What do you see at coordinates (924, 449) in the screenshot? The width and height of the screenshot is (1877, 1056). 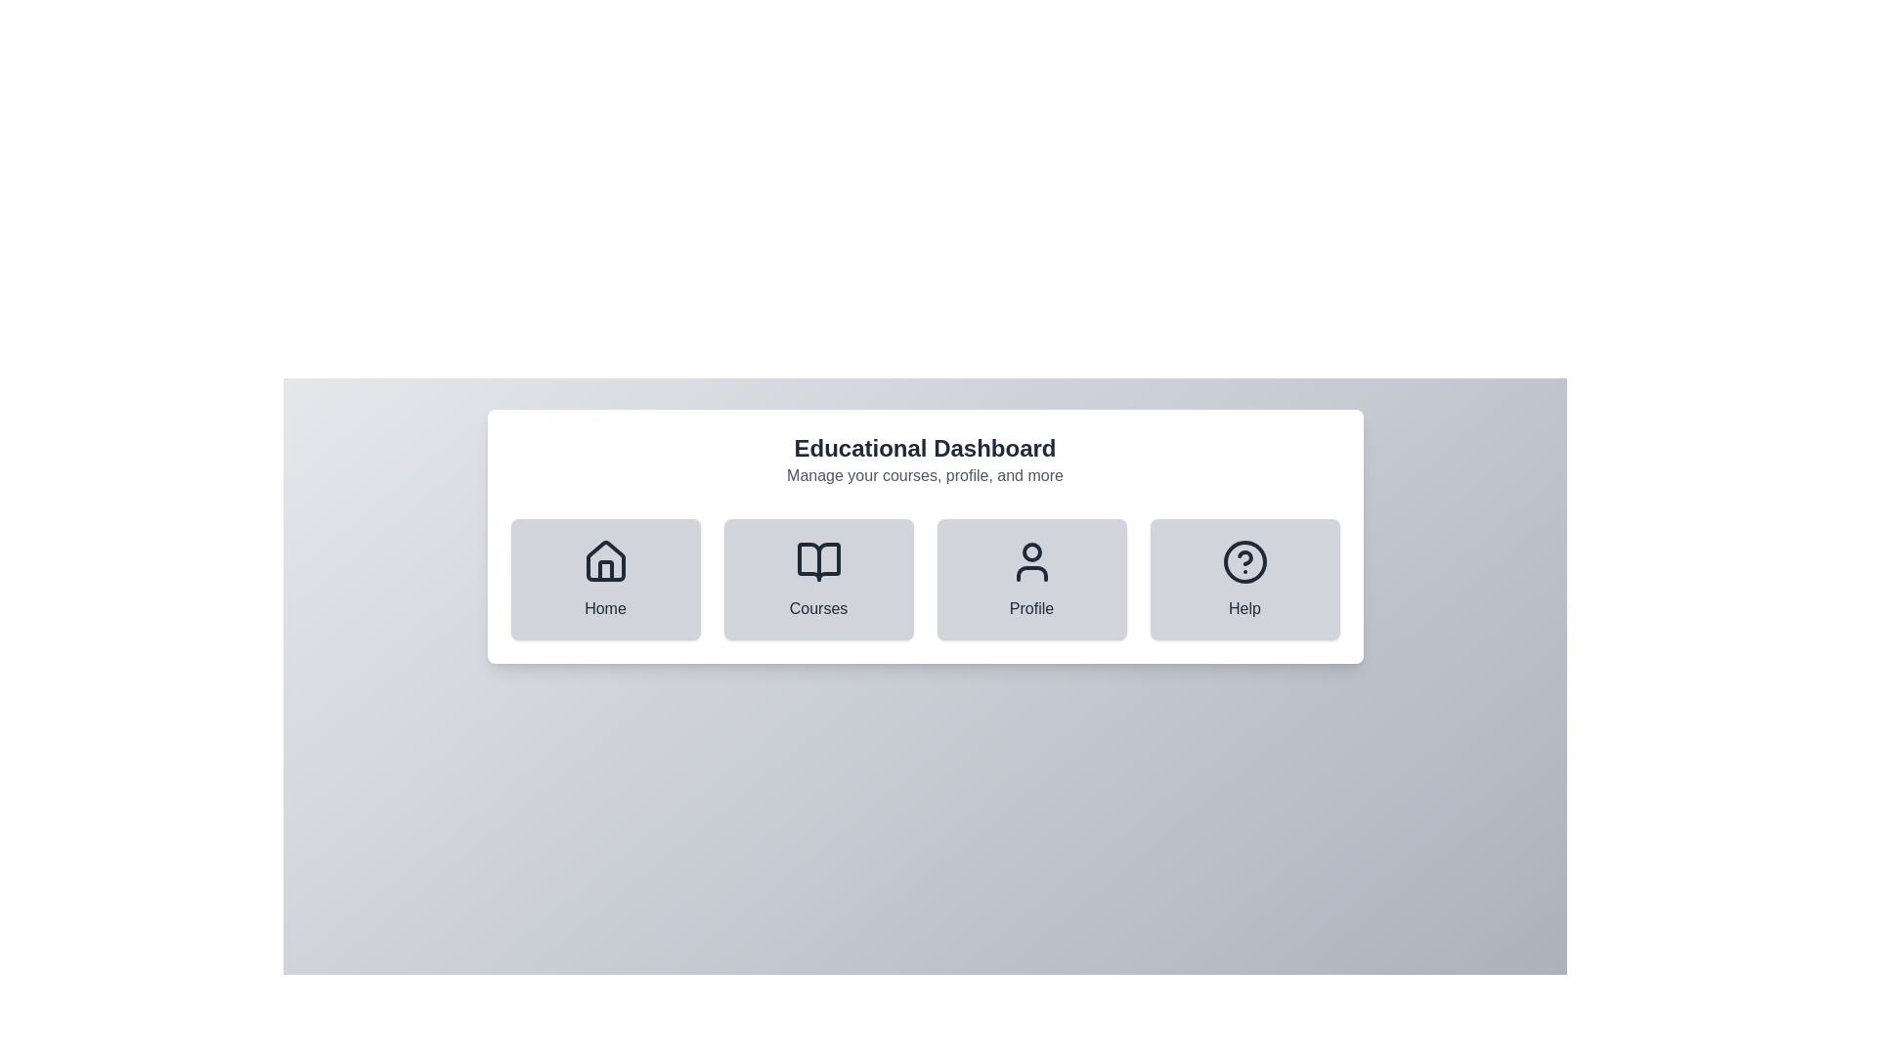 I see `the informational text label that serves as the title 'Educational Dashboard', located at the top-center of the interface` at bounding box center [924, 449].